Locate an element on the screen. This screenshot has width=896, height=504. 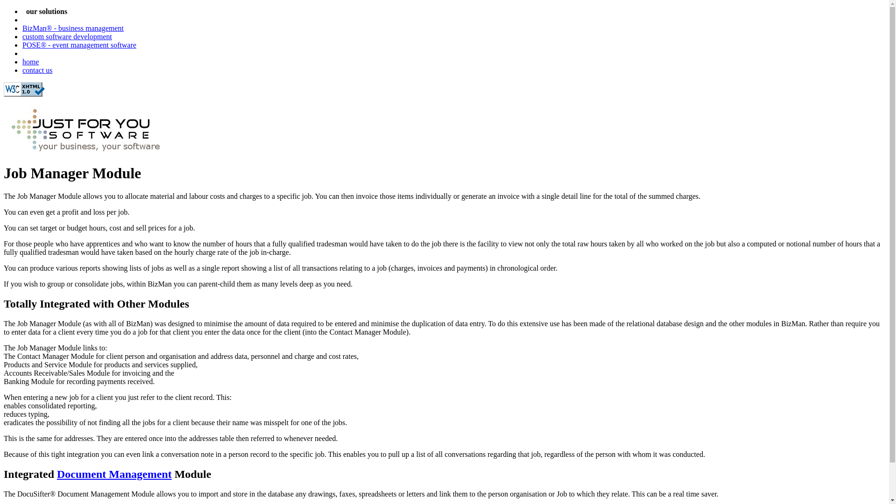
'custom software development' is located at coordinates (67, 36).